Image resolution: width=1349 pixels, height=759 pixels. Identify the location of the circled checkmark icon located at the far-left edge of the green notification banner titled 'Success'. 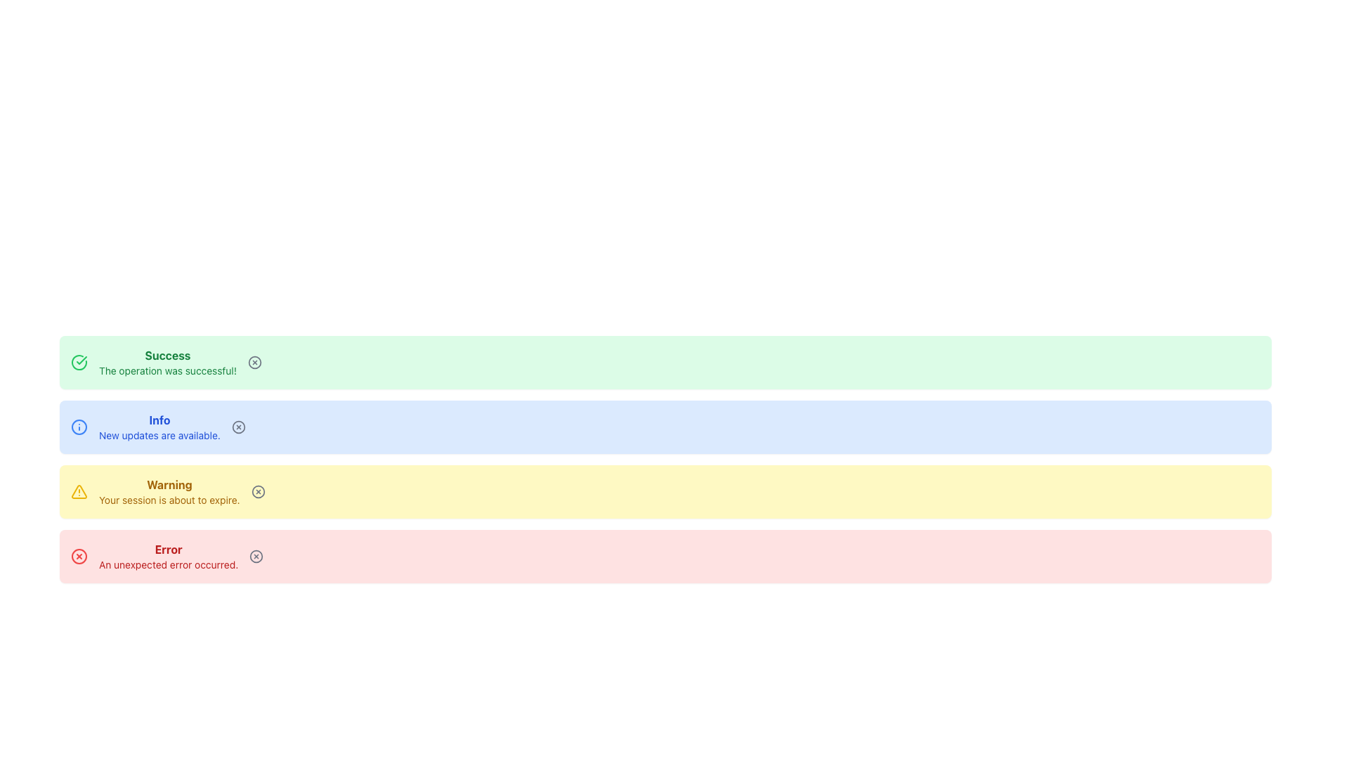
(79, 362).